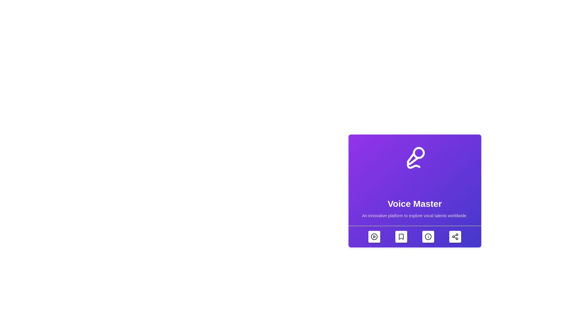  Describe the element at coordinates (401, 236) in the screenshot. I see `the bookmark-shaped icon with a folded corner at the top right, located on the bottom bar under the 'Voice Master' purple card` at that location.